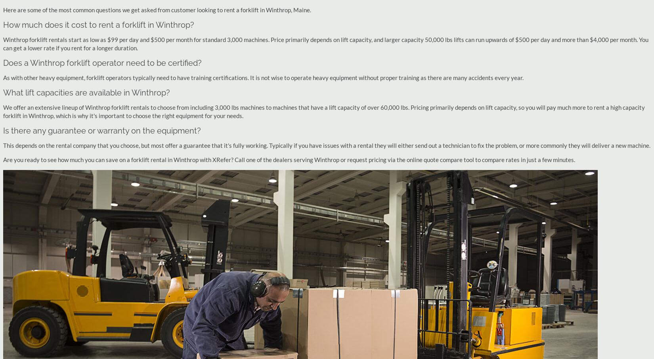 The height and width of the screenshot is (359, 654). Describe the element at coordinates (98, 25) in the screenshot. I see `'How much does it cost to rent a forklift in Winthrop?'` at that location.